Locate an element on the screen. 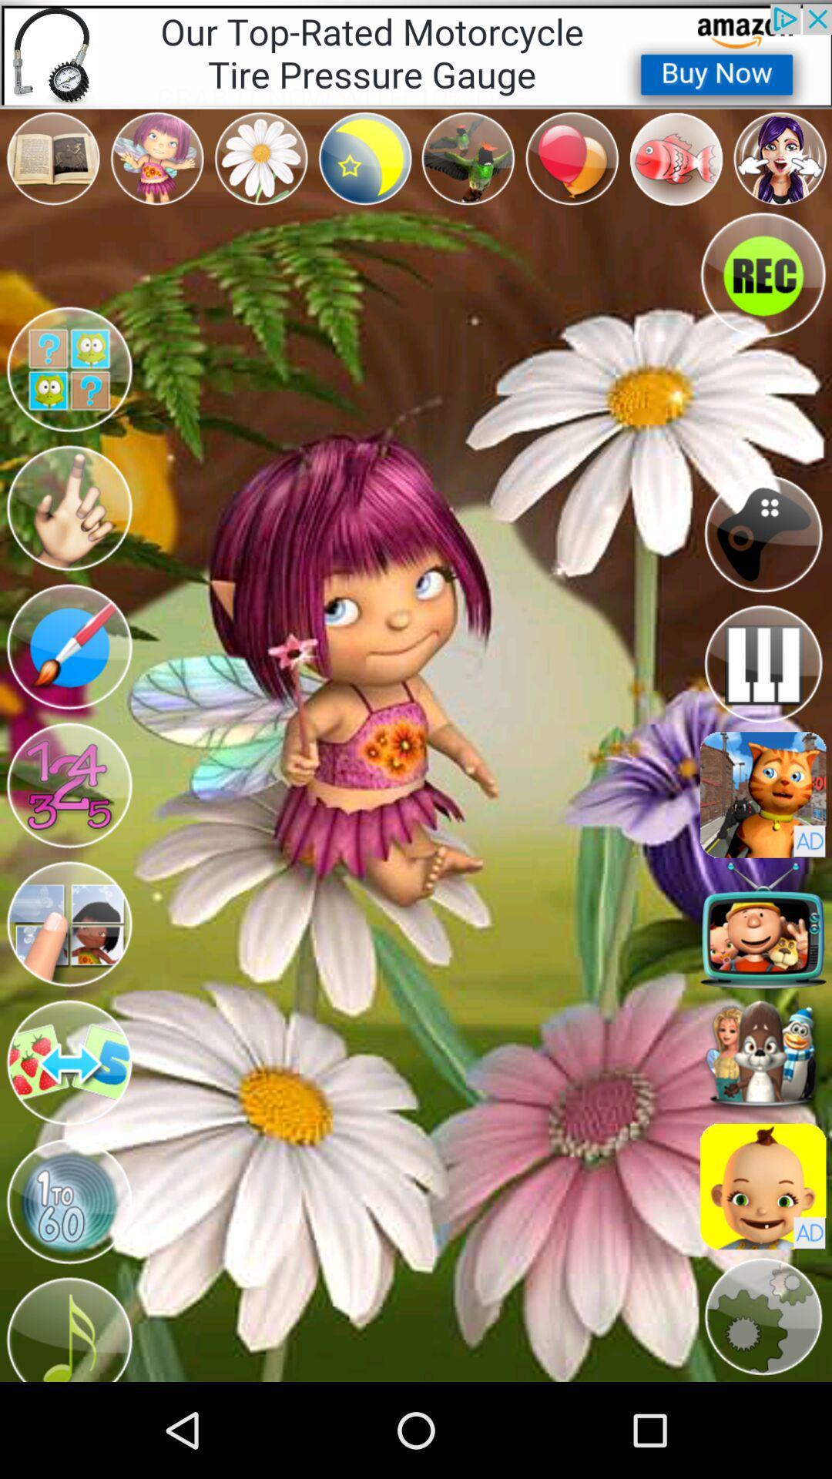 This screenshot has height=1479, width=832. open tool is located at coordinates (68, 647).